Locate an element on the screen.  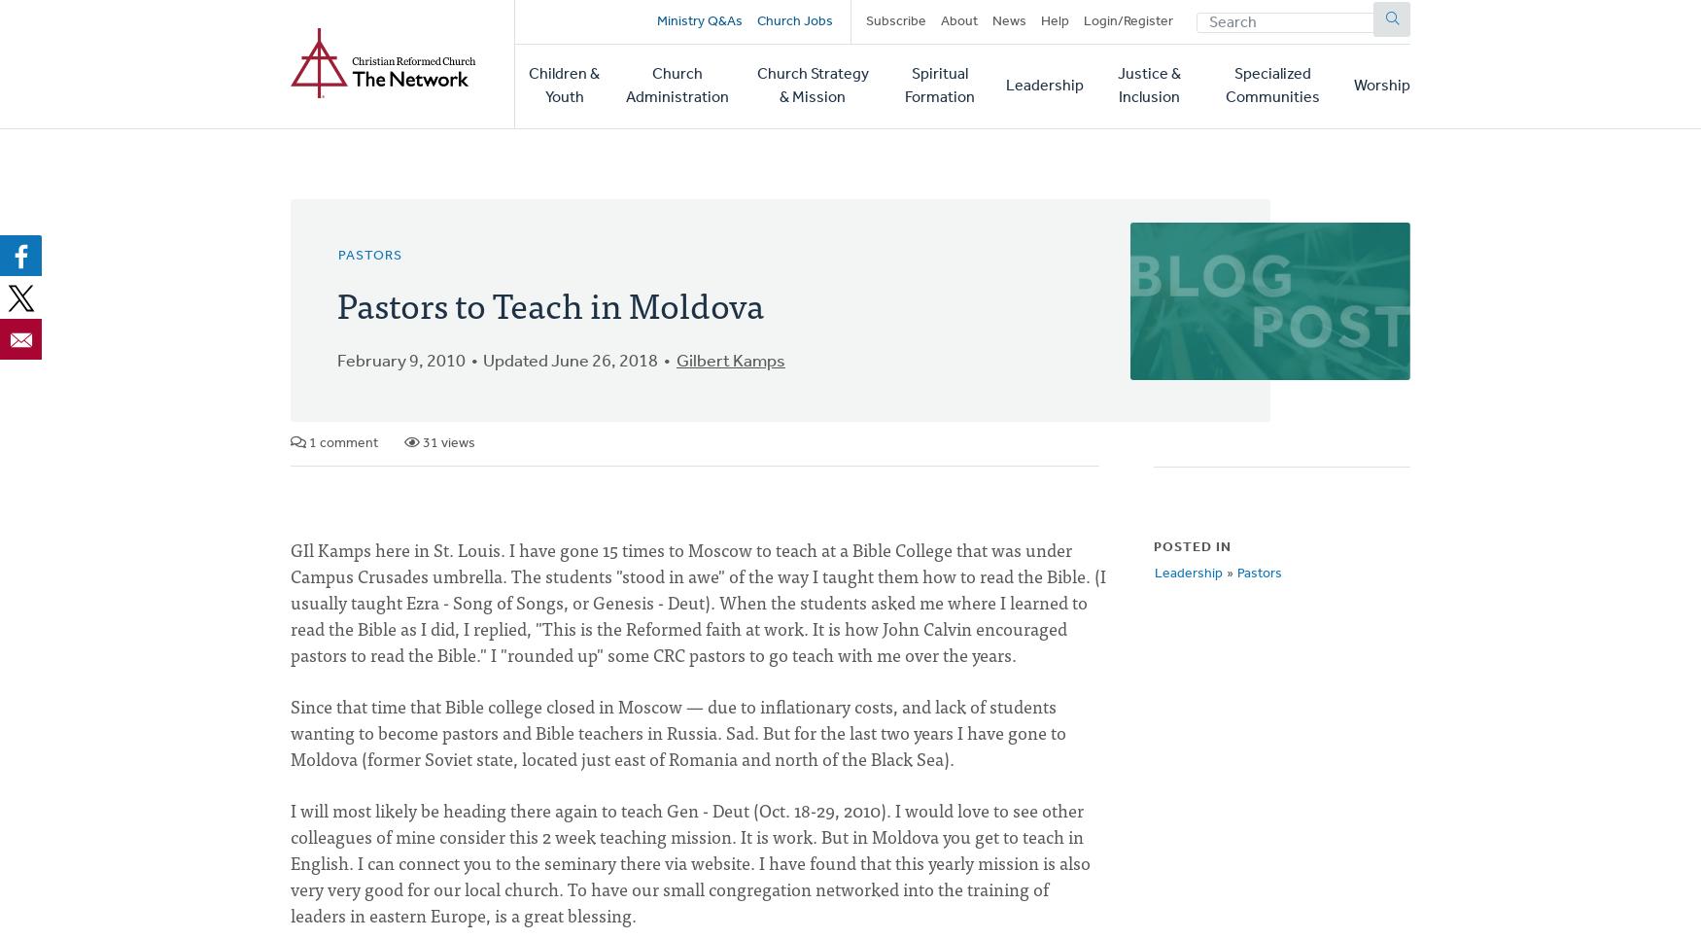
'Updated June 26, 2018' is located at coordinates (482, 361).